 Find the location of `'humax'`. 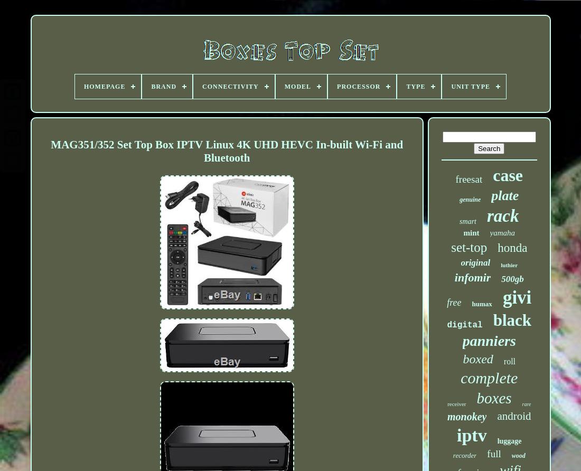

'humax' is located at coordinates (482, 303).